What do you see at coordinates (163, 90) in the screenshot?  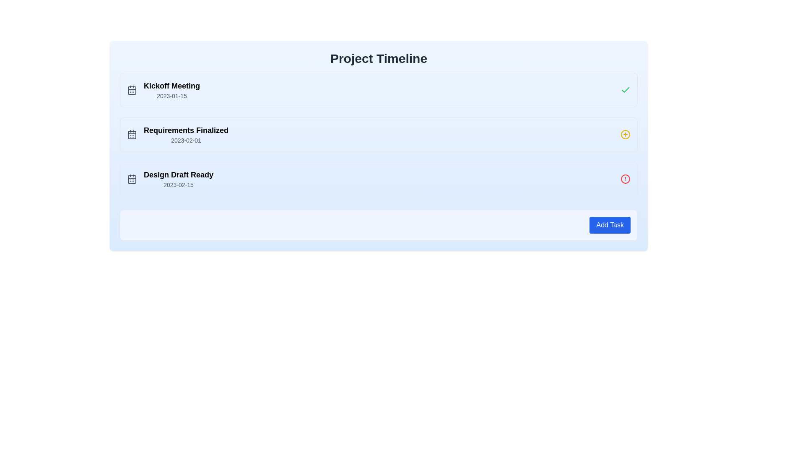 I see `the first list item in the vertical timeline titled 'Kickoff Meeting' with the date '2023-01-15'` at bounding box center [163, 90].